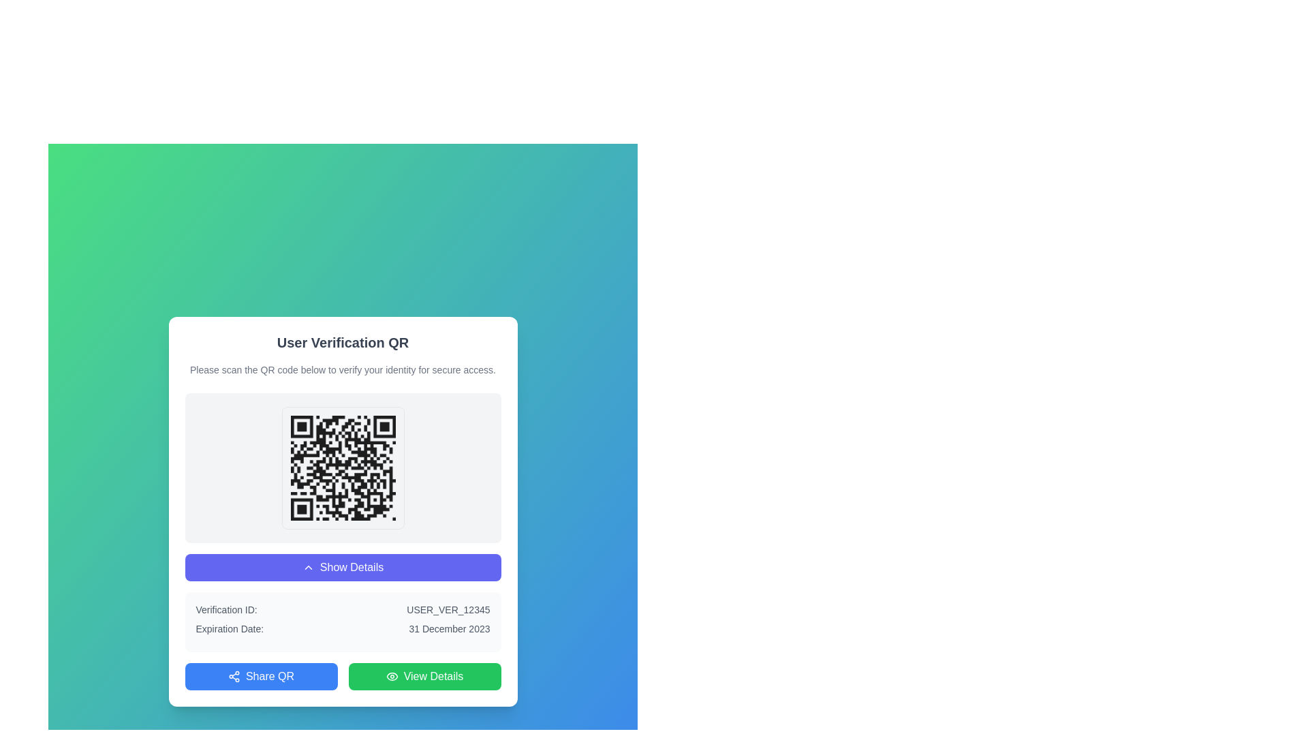 The image size is (1308, 736). I want to click on the upwards-pointing chevron icon located within the 'Show Details' button, which is part of the user verification interface, so click(307, 568).